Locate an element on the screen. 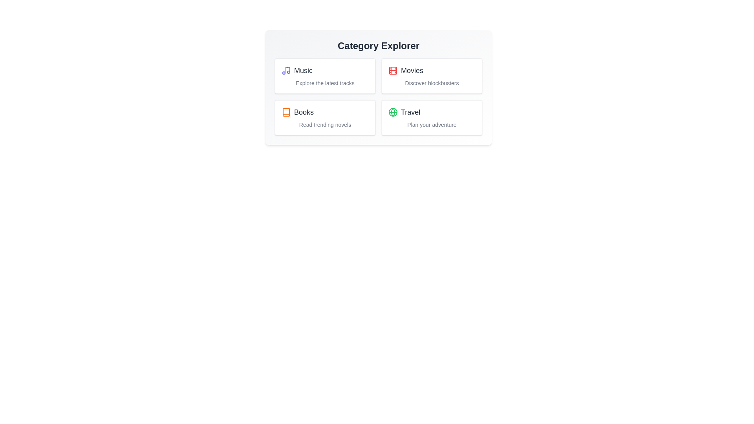 The image size is (754, 424). the 'Travel' category to select it is located at coordinates (431, 112).